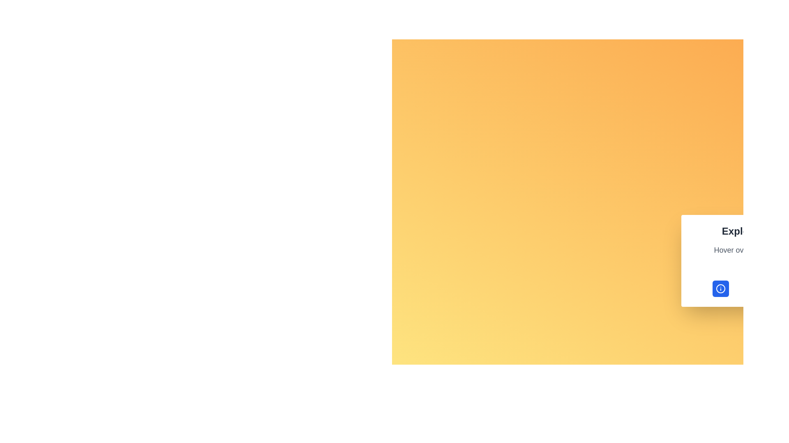 This screenshot has width=789, height=443. Describe the element at coordinates (720, 288) in the screenshot. I see `the blue button located at the bottom right of the interface to enable keyboard navigation for displaying tooltips or help text` at that location.